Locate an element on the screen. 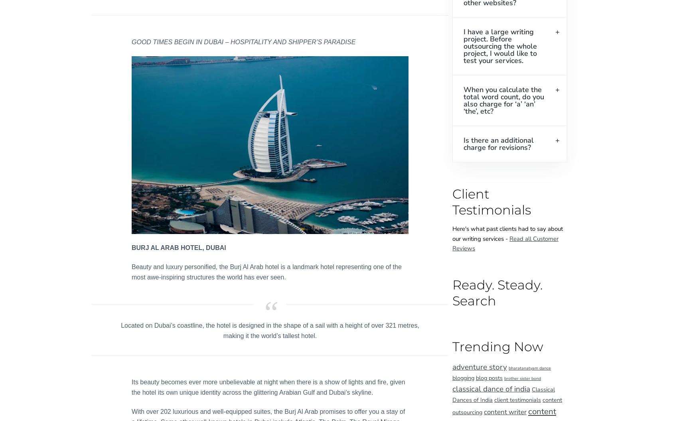 This screenshot has width=675, height=421. 'brother sister bond' is located at coordinates (522, 378).